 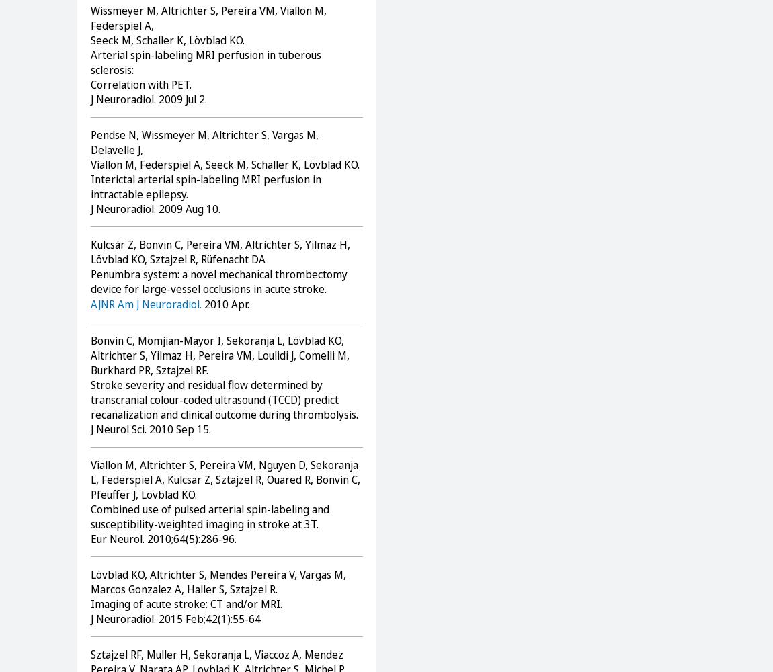 What do you see at coordinates (163, 538) in the screenshot?
I see `'Eur Neurol. 2010;64(5):286-96.'` at bounding box center [163, 538].